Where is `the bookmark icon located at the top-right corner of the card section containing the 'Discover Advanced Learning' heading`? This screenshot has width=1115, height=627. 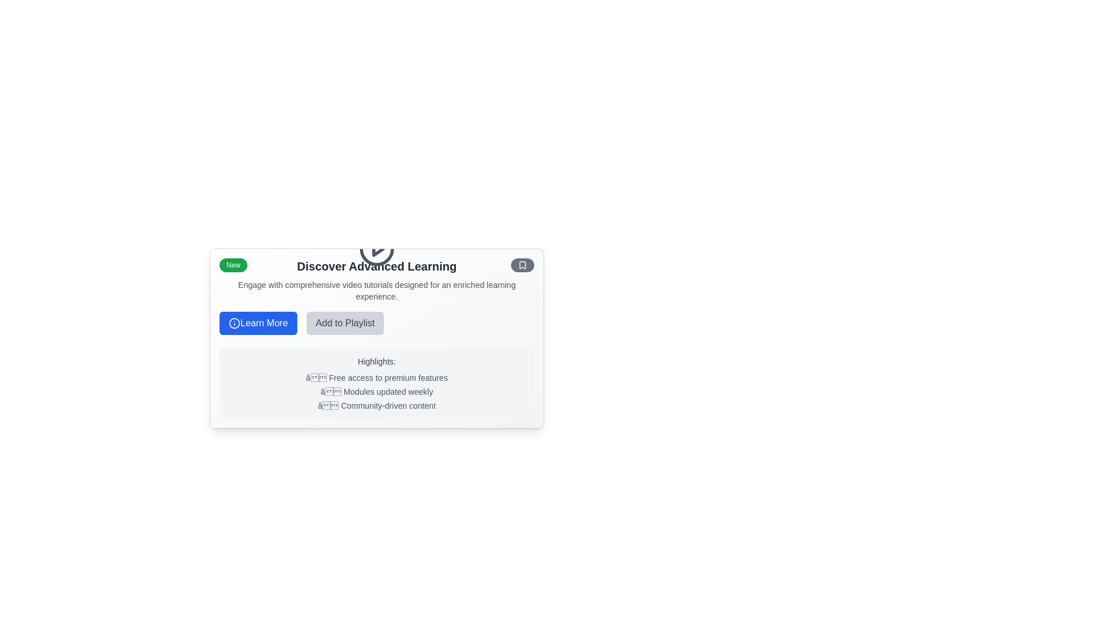
the bookmark icon located at the top-right corner of the card section containing the 'Discover Advanced Learning' heading is located at coordinates (522, 265).